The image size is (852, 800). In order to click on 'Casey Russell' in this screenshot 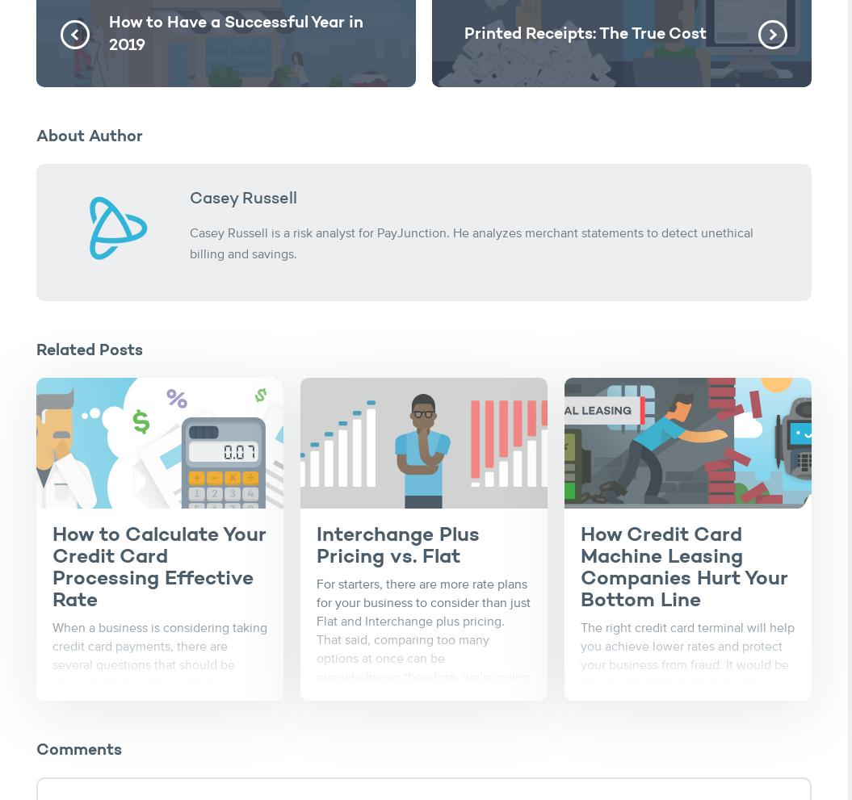, I will do `click(188, 199)`.